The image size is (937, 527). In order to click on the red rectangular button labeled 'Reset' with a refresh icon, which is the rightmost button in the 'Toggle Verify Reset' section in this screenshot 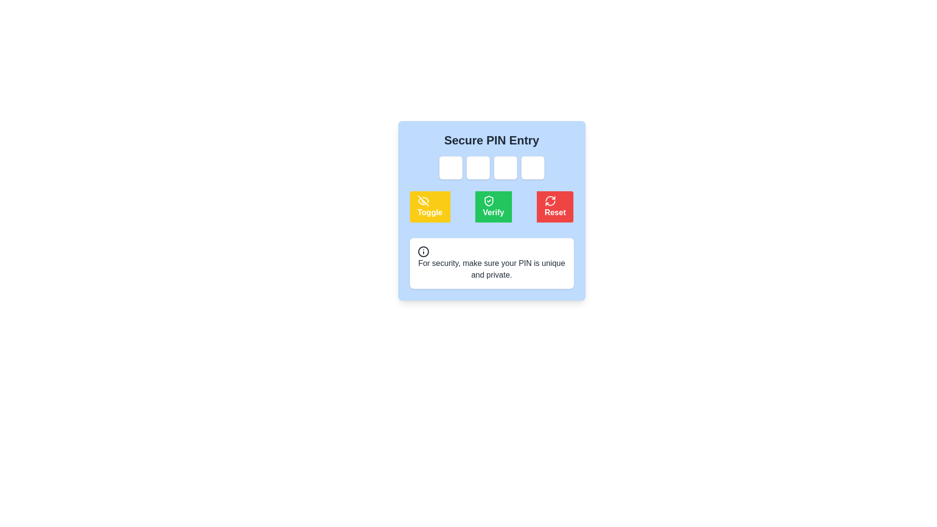, I will do `click(555, 206)`.